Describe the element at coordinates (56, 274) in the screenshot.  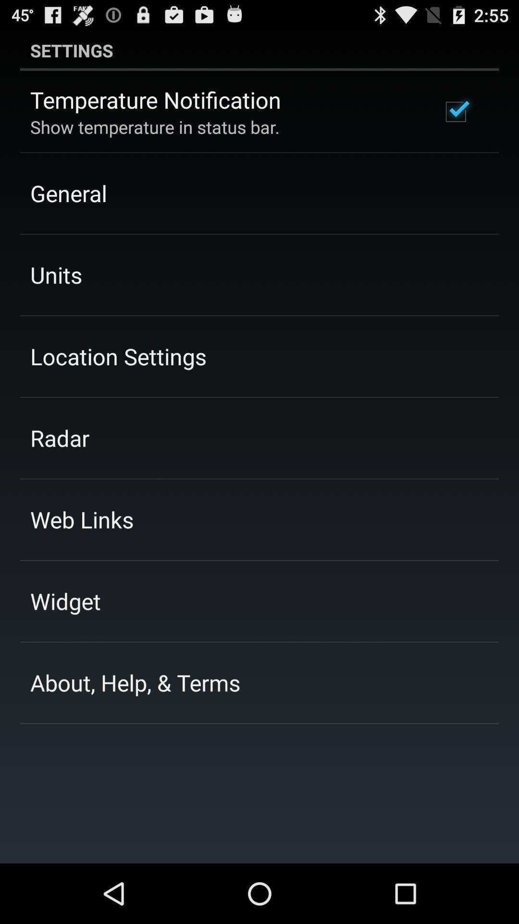
I see `the units` at that location.